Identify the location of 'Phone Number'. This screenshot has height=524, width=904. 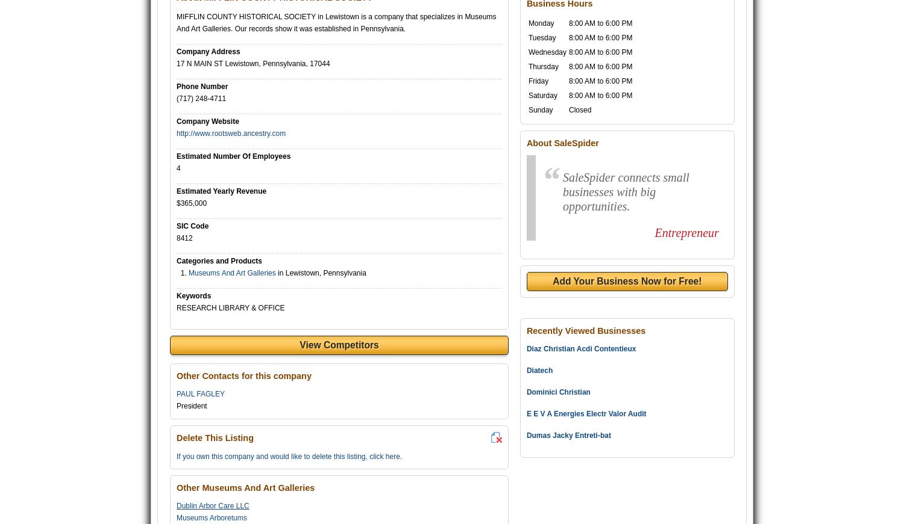
(201, 85).